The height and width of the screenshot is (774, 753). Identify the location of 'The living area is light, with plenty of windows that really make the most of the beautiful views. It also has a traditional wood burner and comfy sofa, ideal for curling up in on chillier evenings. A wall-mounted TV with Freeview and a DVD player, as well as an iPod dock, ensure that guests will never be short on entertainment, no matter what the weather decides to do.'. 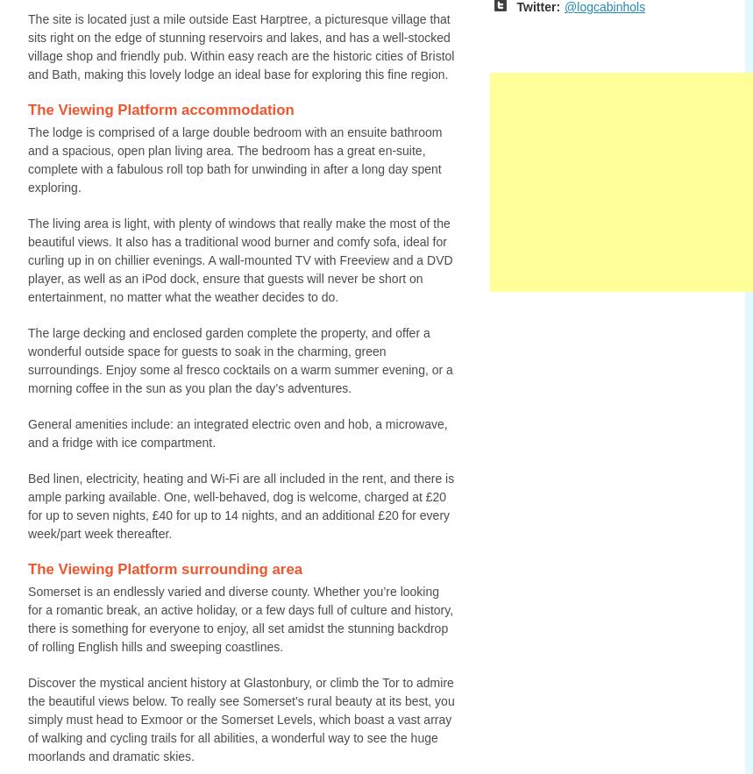
(239, 260).